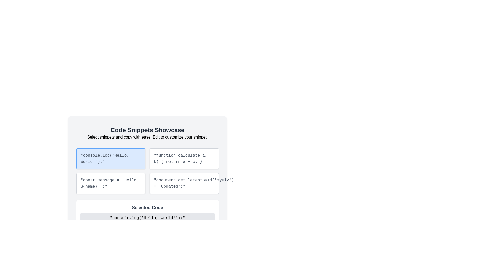  Describe the element at coordinates (147, 130) in the screenshot. I see `the text label displaying 'Code Snippets Showcase', which is styled in a large bold font and positioned at the top-center of the layout, serving as the section title` at that location.